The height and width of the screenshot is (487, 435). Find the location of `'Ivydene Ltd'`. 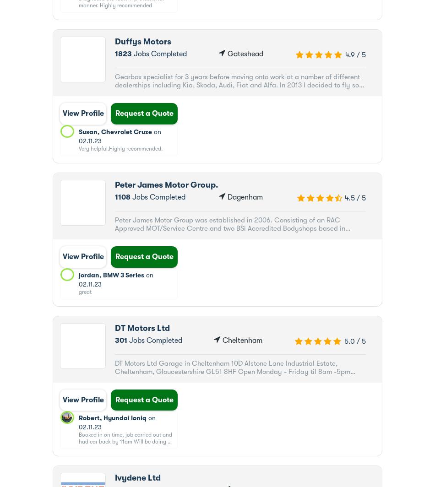

'Ivydene Ltd' is located at coordinates (114, 477).